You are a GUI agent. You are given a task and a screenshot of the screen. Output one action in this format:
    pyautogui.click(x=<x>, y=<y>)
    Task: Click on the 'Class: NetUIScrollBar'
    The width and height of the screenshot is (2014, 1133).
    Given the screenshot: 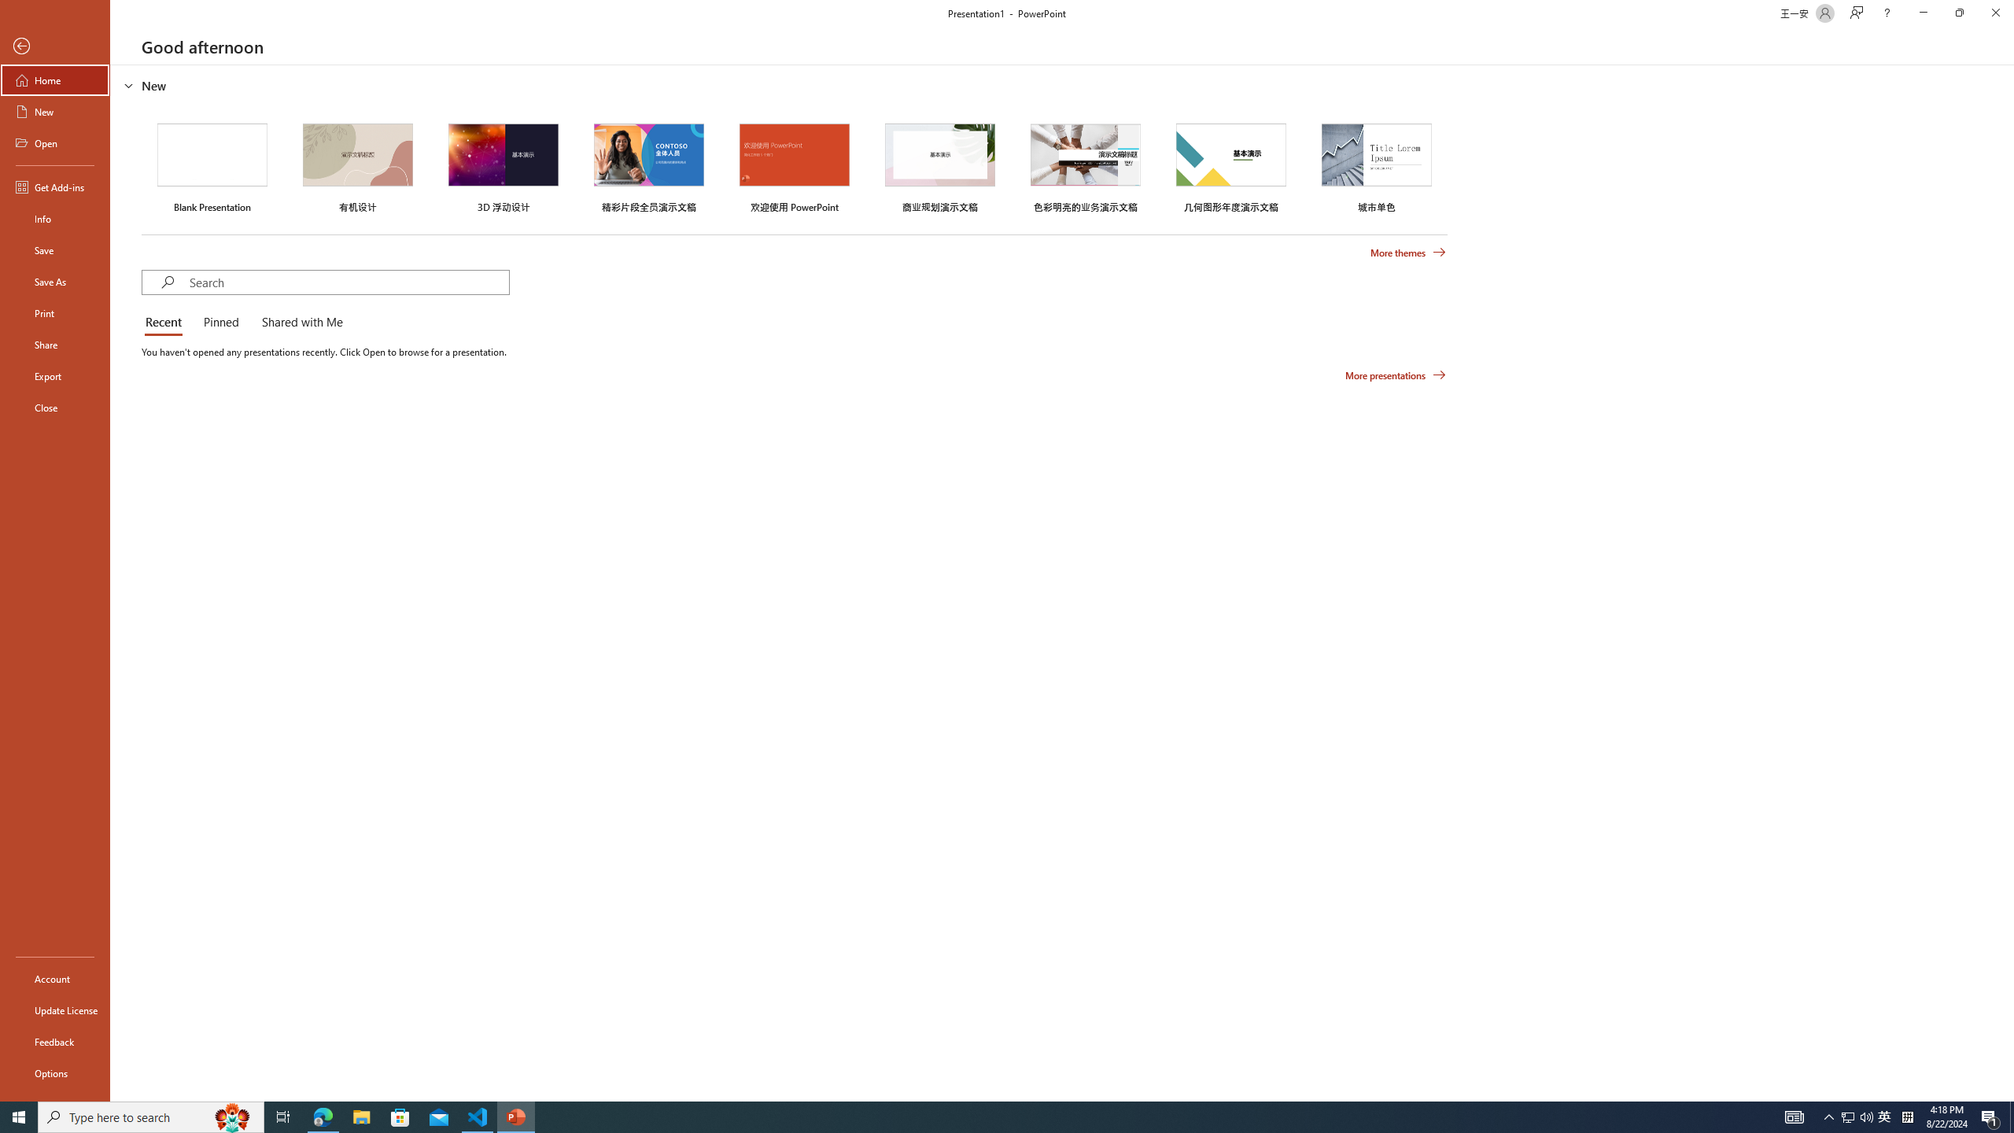 What is the action you would take?
    pyautogui.click(x=2007, y=582)
    